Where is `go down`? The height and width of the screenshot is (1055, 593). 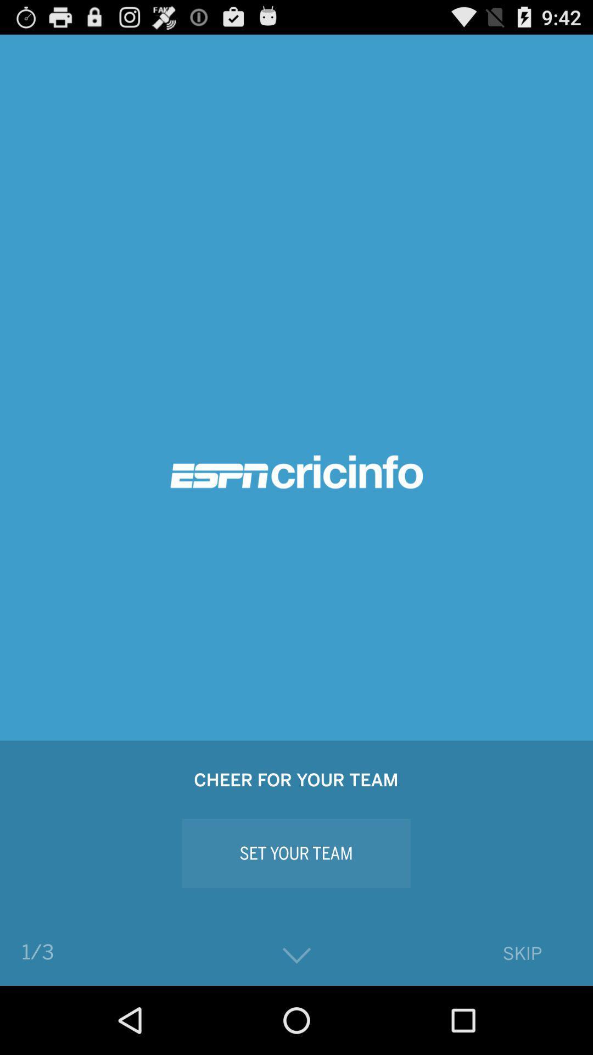 go down is located at coordinates (296, 955).